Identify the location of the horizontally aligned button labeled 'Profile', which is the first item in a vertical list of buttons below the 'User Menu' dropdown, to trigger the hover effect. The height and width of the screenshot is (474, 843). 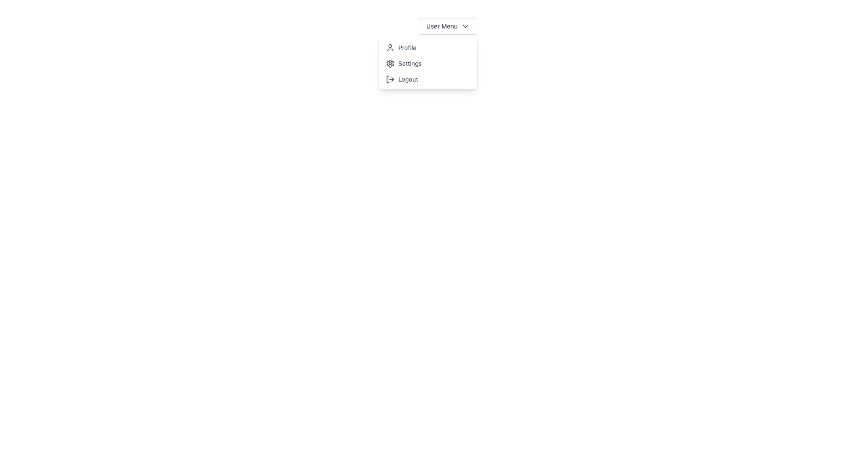
(428, 47).